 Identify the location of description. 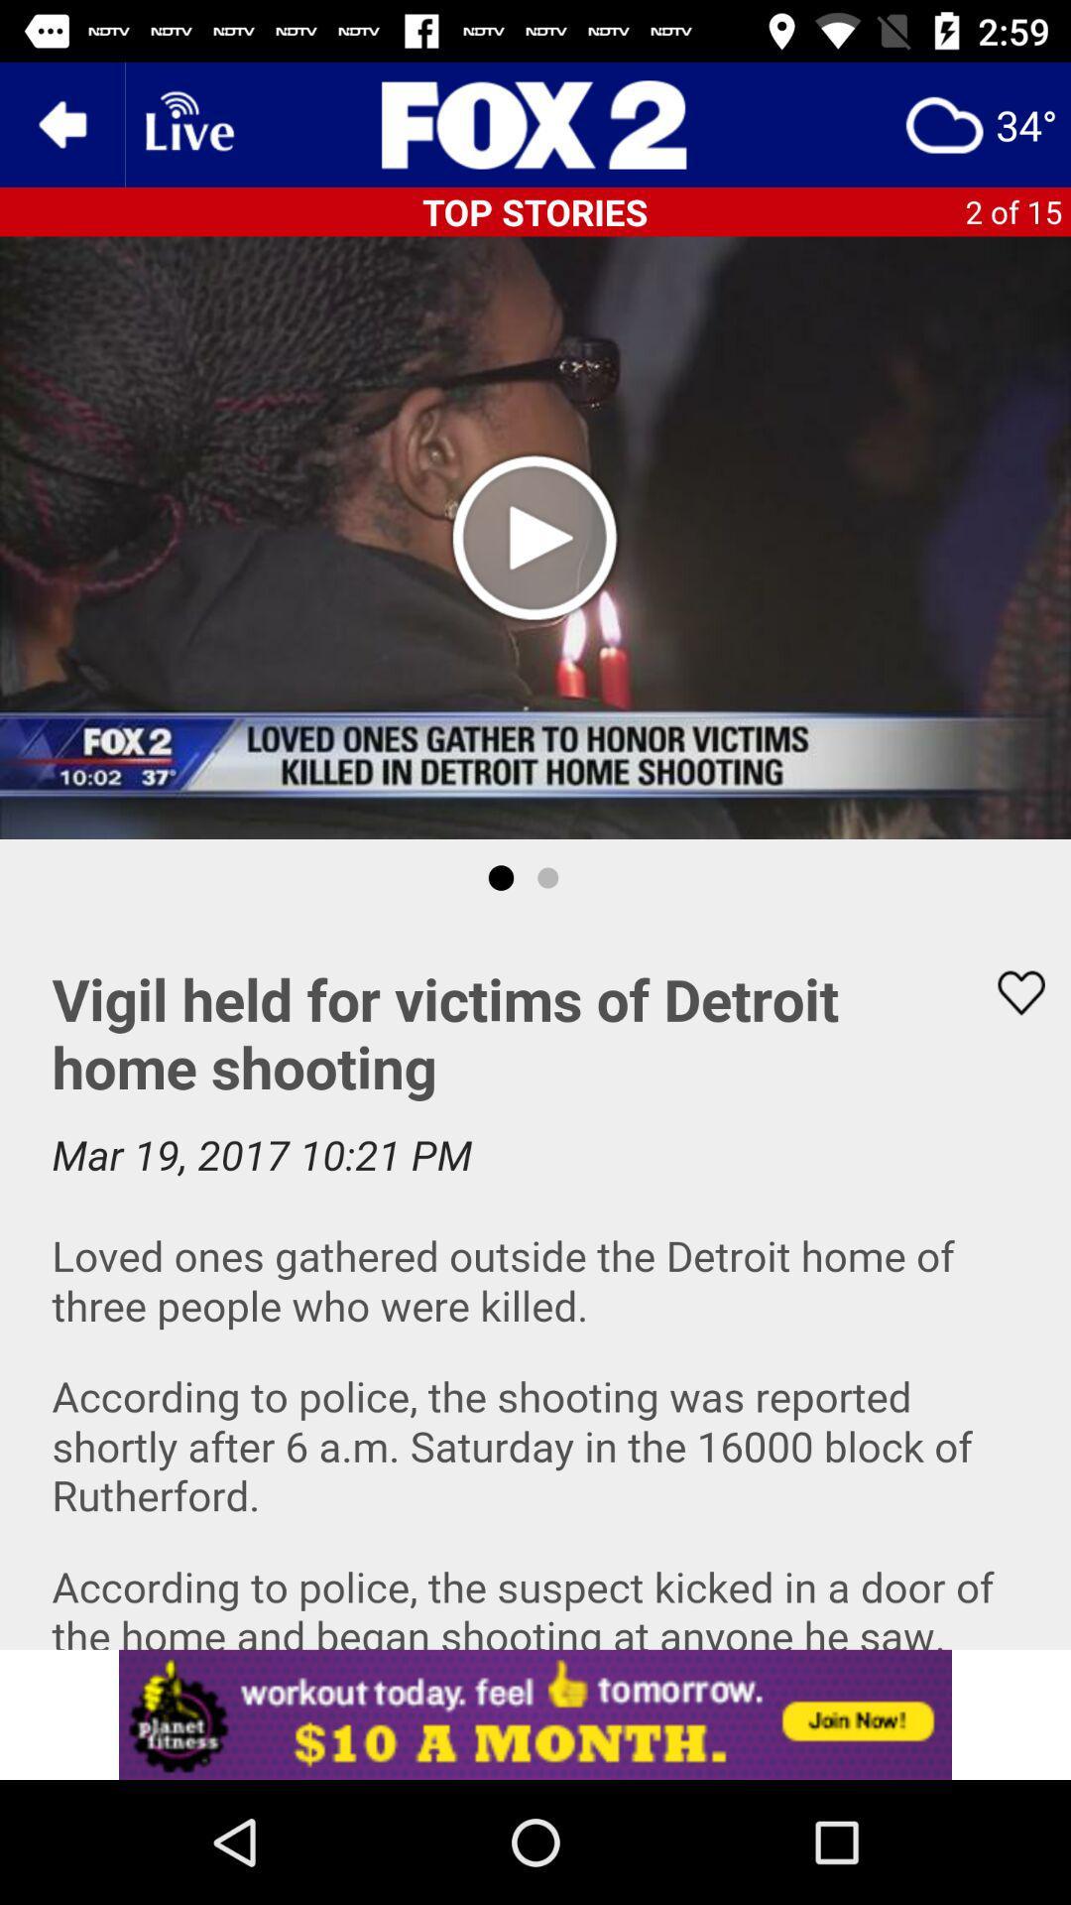
(535, 1283).